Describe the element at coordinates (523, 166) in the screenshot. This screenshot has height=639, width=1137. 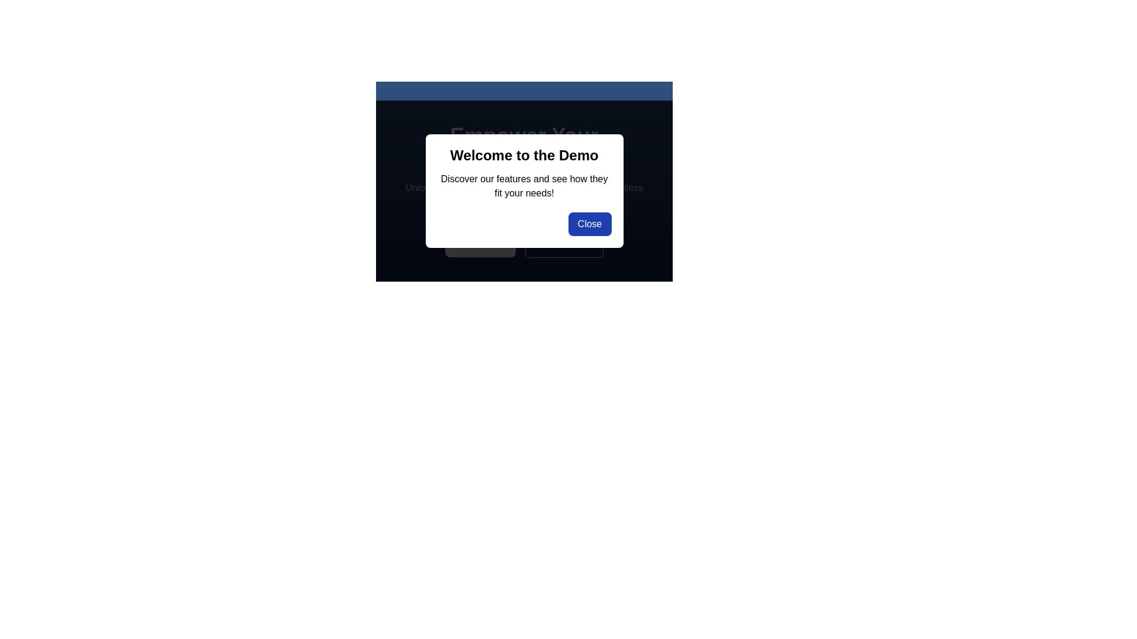
I see `the Text Display element that serves as the title and introductory message for the modal dialog, located in the center of the dark-themed modal, preceding the 'Close' button` at that location.